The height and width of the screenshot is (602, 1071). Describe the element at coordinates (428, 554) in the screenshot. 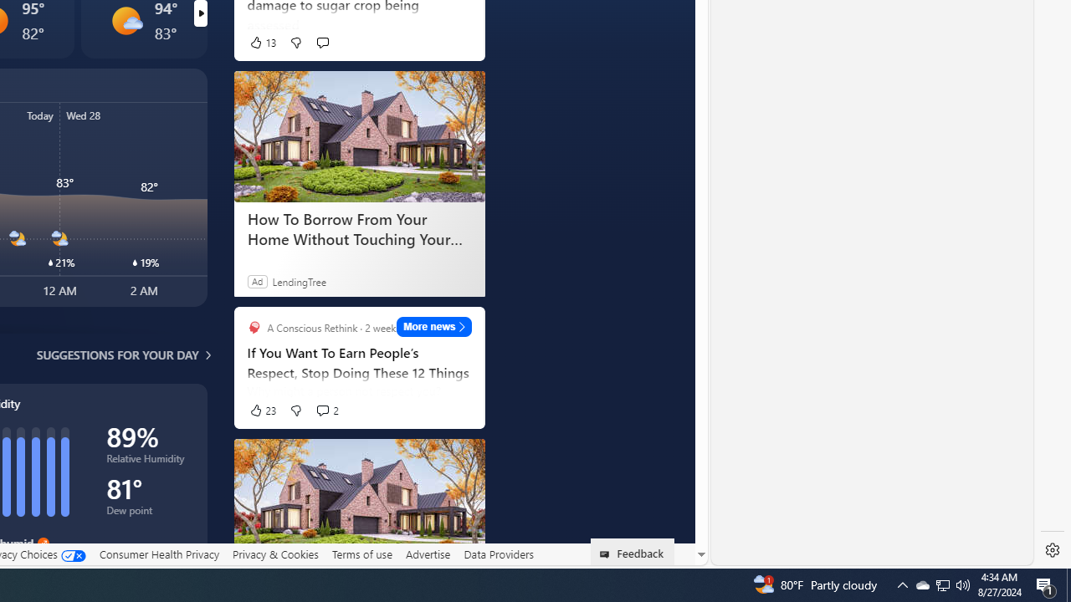

I see `'Advertise'` at that location.